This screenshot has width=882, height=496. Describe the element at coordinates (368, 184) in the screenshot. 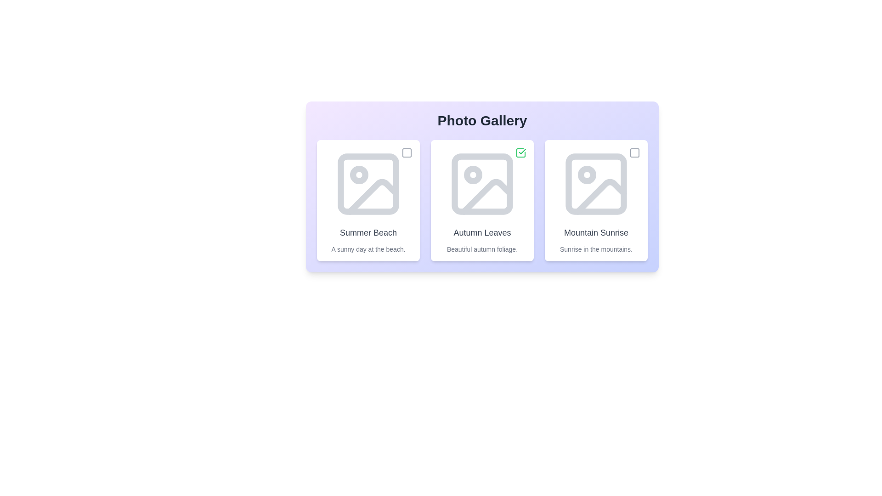

I see `the placeholder image of the photo labeled Summer Beach` at that location.